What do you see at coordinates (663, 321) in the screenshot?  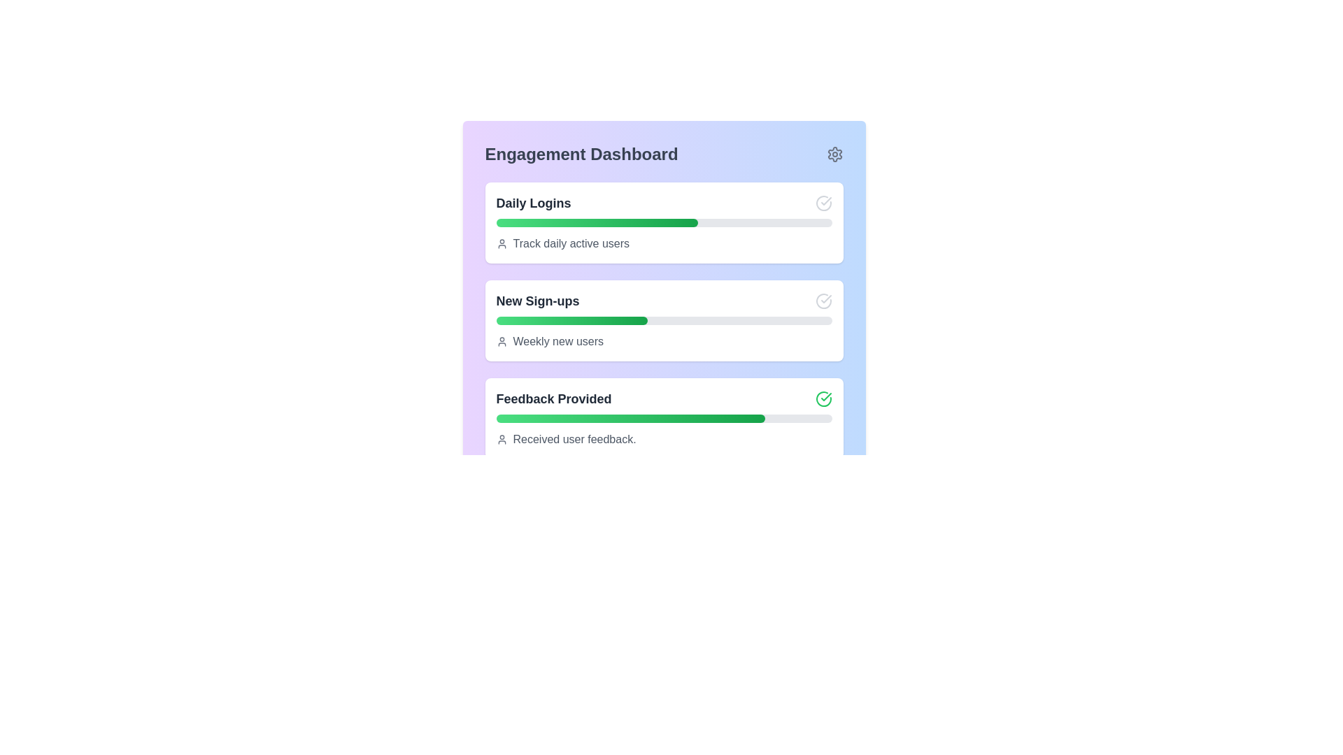 I see `the horizontal progress bar located in the 'New Sign-ups' section of the dashboard, which is gray with a green filled section and rounded ends` at bounding box center [663, 321].